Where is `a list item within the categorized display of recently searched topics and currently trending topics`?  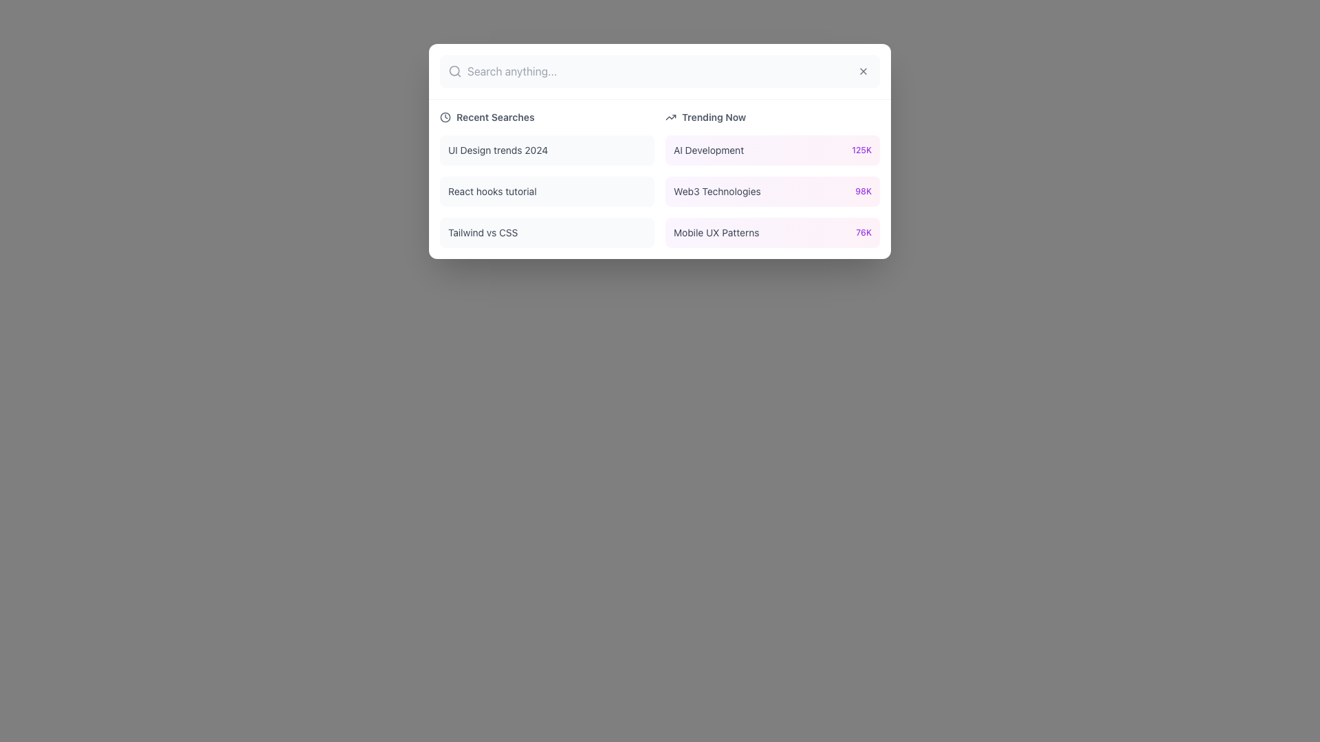
a list item within the categorized display of recently searched topics and currently trending topics is located at coordinates (660, 179).